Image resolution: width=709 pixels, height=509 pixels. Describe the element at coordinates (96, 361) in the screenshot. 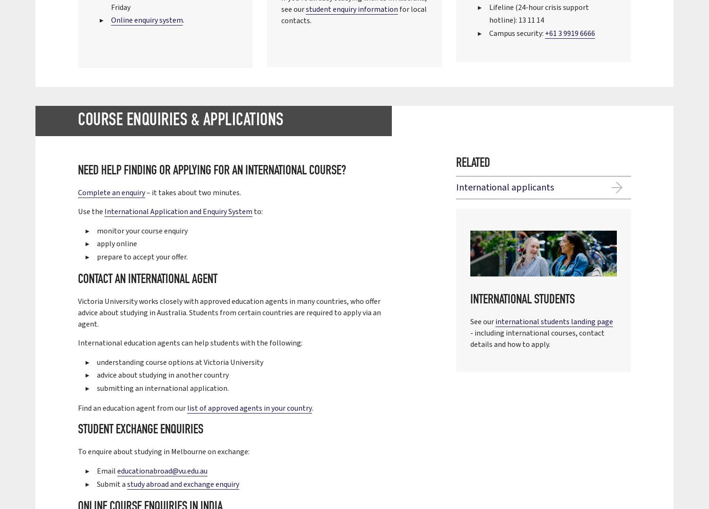

I see `'understanding course options at Victoria University'` at that location.